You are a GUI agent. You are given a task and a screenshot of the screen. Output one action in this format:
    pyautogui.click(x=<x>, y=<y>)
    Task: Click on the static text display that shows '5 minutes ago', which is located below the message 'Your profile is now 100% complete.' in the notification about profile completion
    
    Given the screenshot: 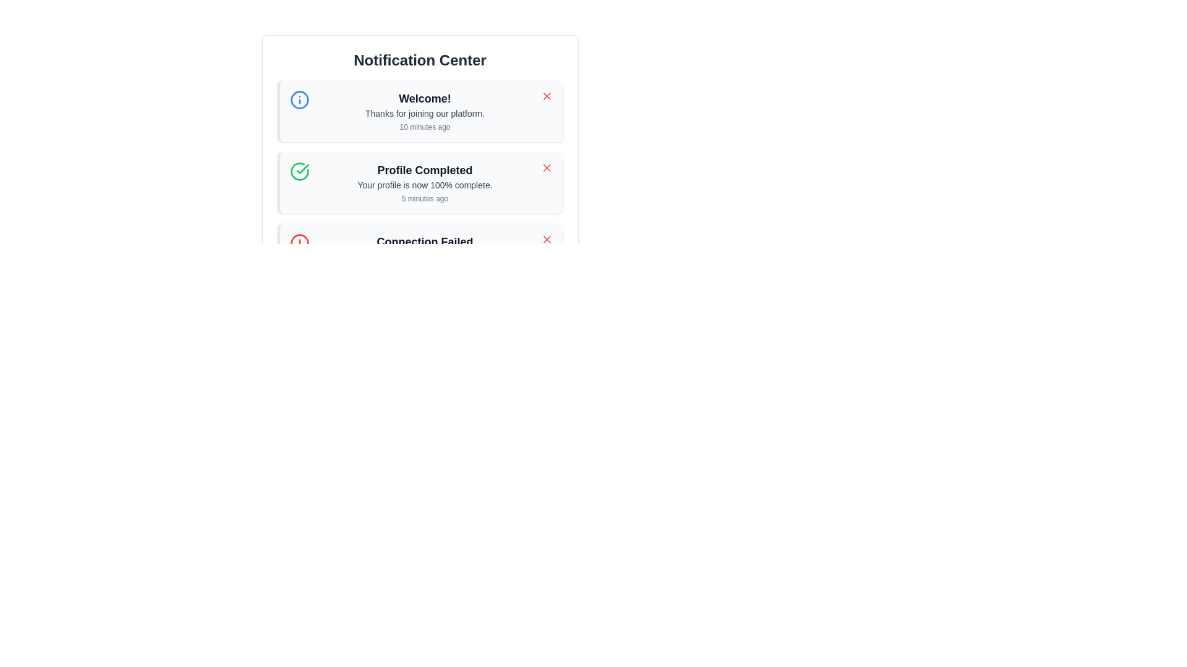 What is the action you would take?
    pyautogui.click(x=425, y=198)
    